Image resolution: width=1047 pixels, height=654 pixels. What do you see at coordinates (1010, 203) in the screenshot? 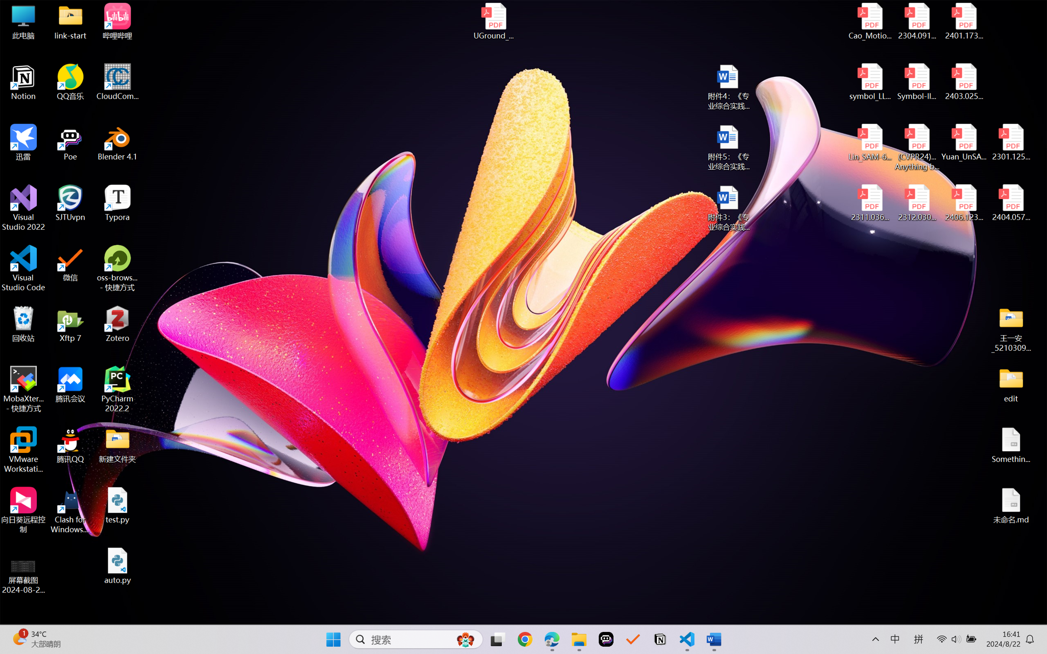
I see `'2404.05719v1.pdf'` at bounding box center [1010, 203].